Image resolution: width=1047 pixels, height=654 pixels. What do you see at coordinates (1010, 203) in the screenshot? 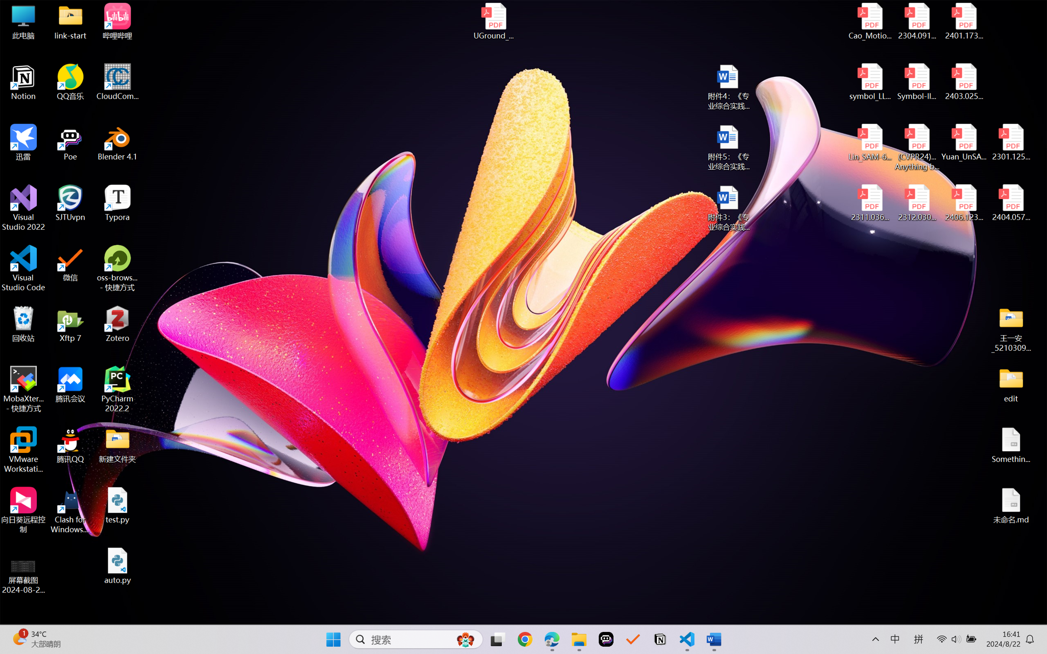
I see `'2404.05719v1.pdf'` at bounding box center [1010, 203].